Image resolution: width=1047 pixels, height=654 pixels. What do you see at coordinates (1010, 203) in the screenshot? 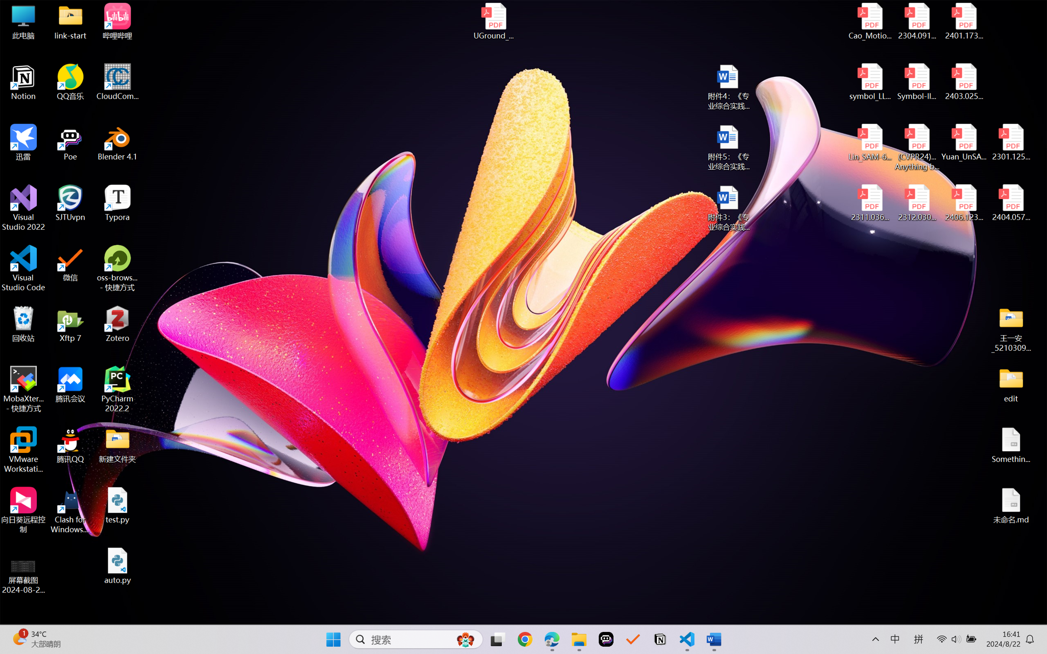
I see `'2404.05719v1.pdf'` at bounding box center [1010, 203].